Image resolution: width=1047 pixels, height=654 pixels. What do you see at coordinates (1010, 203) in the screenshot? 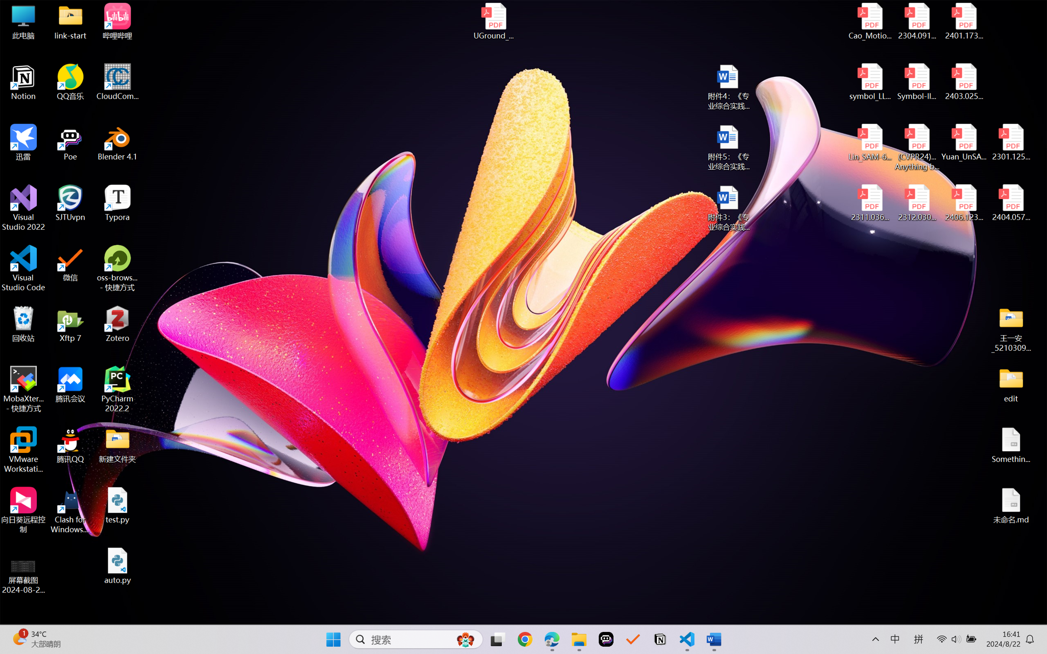
I see `'2404.05719v1.pdf'` at bounding box center [1010, 203].